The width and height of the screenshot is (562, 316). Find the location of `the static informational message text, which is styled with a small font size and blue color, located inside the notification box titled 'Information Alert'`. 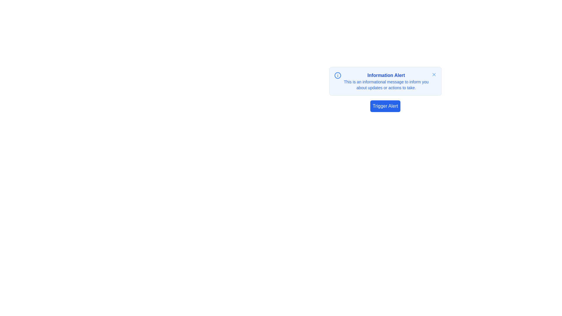

the static informational message text, which is styled with a small font size and blue color, located inside the notification box titled 'Information Alert' is located at coordinates (386, 85).